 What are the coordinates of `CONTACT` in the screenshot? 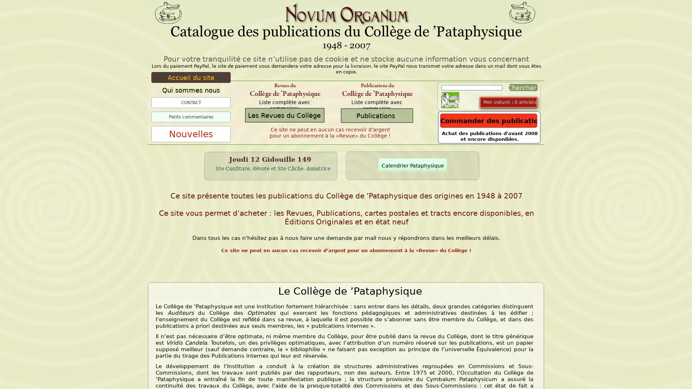 It's located at (191, 103).